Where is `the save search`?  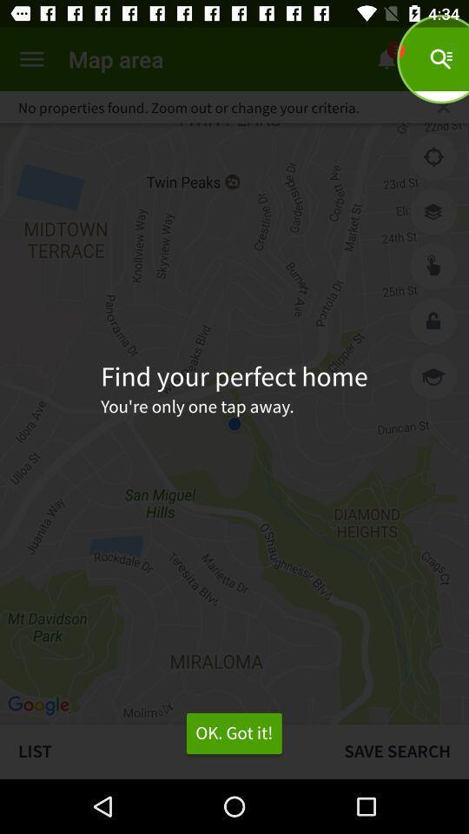
the save search is located at coordinates (397, 751).